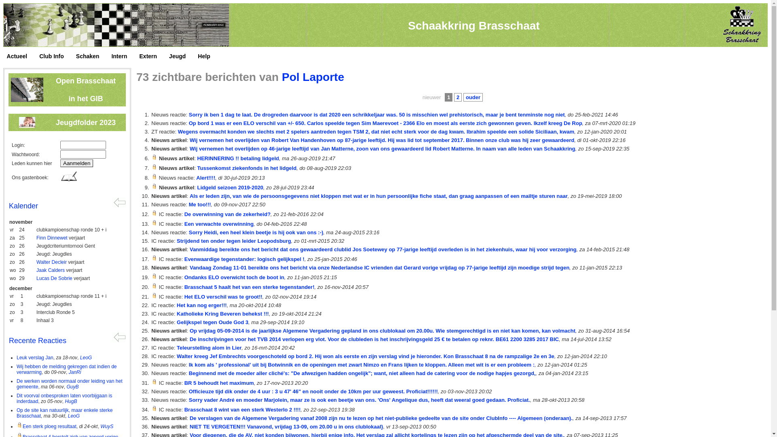 The width and height of the screenshot is (777, 437). I want to click on 'Verberg de sidebar', so click(118, 202).